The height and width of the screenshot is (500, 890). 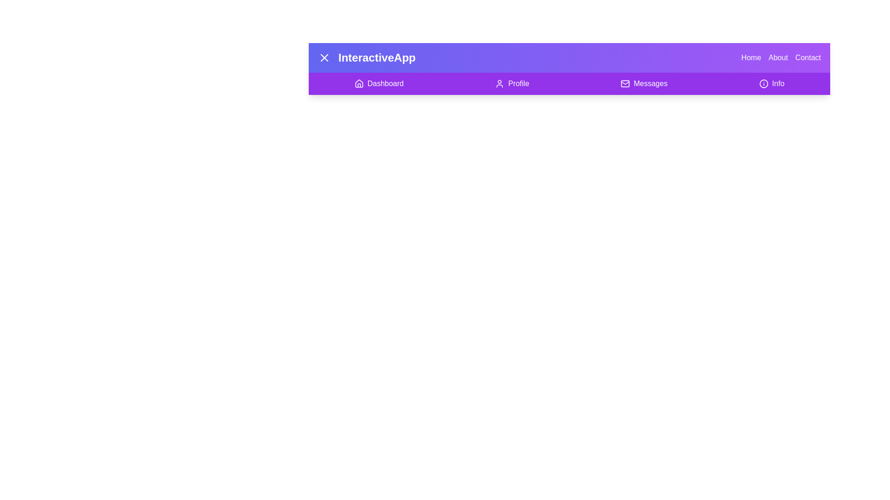 What do you see at coordinates (324, 57) in the screenshot?
I see `button in the top-left corner of the app bar to toggle the menu visibility` at bounding box center [324, 57].